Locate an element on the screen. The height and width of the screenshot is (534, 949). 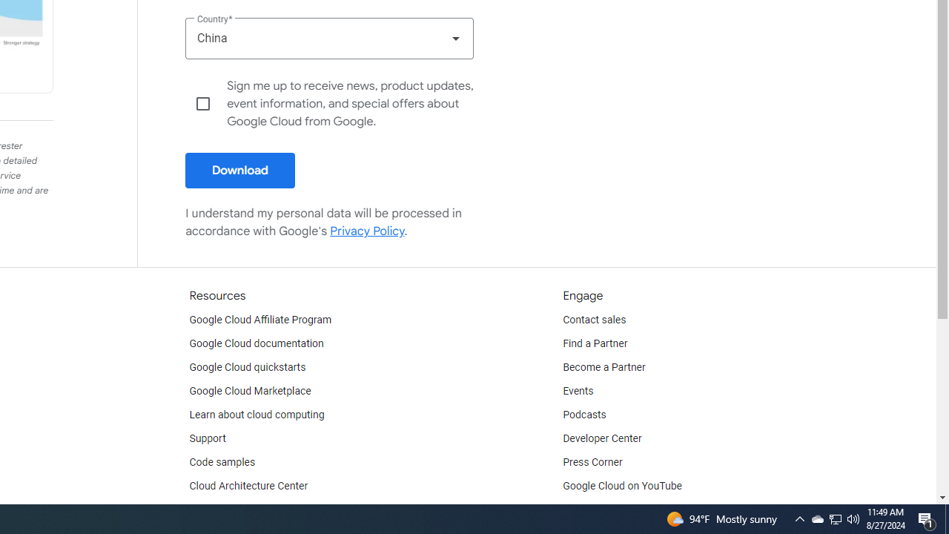
'Code samples' is located at coordinates (222, 461).